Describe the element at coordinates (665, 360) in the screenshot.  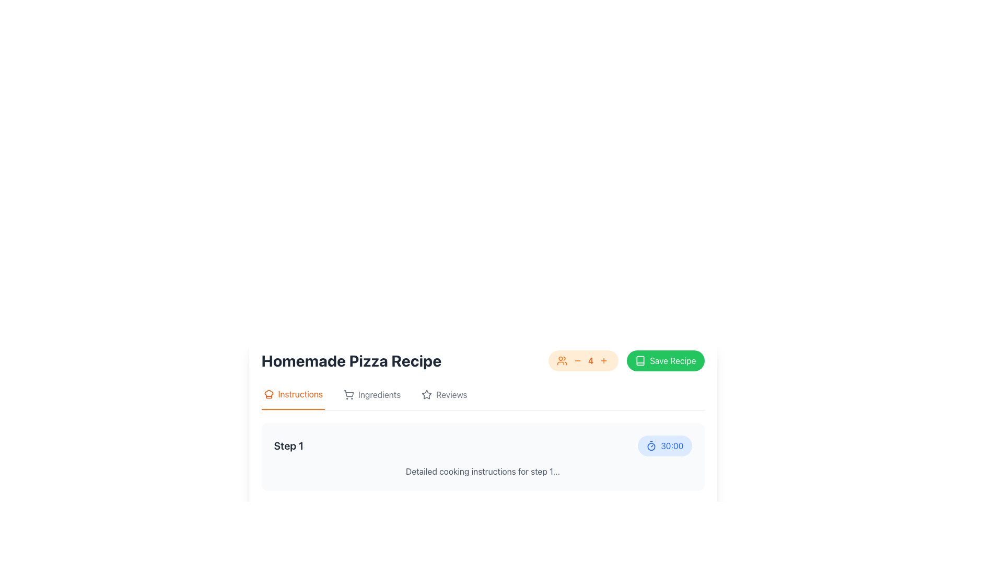
I see `the green 'Save Recipe' button with white text and an open book icon` at that location.